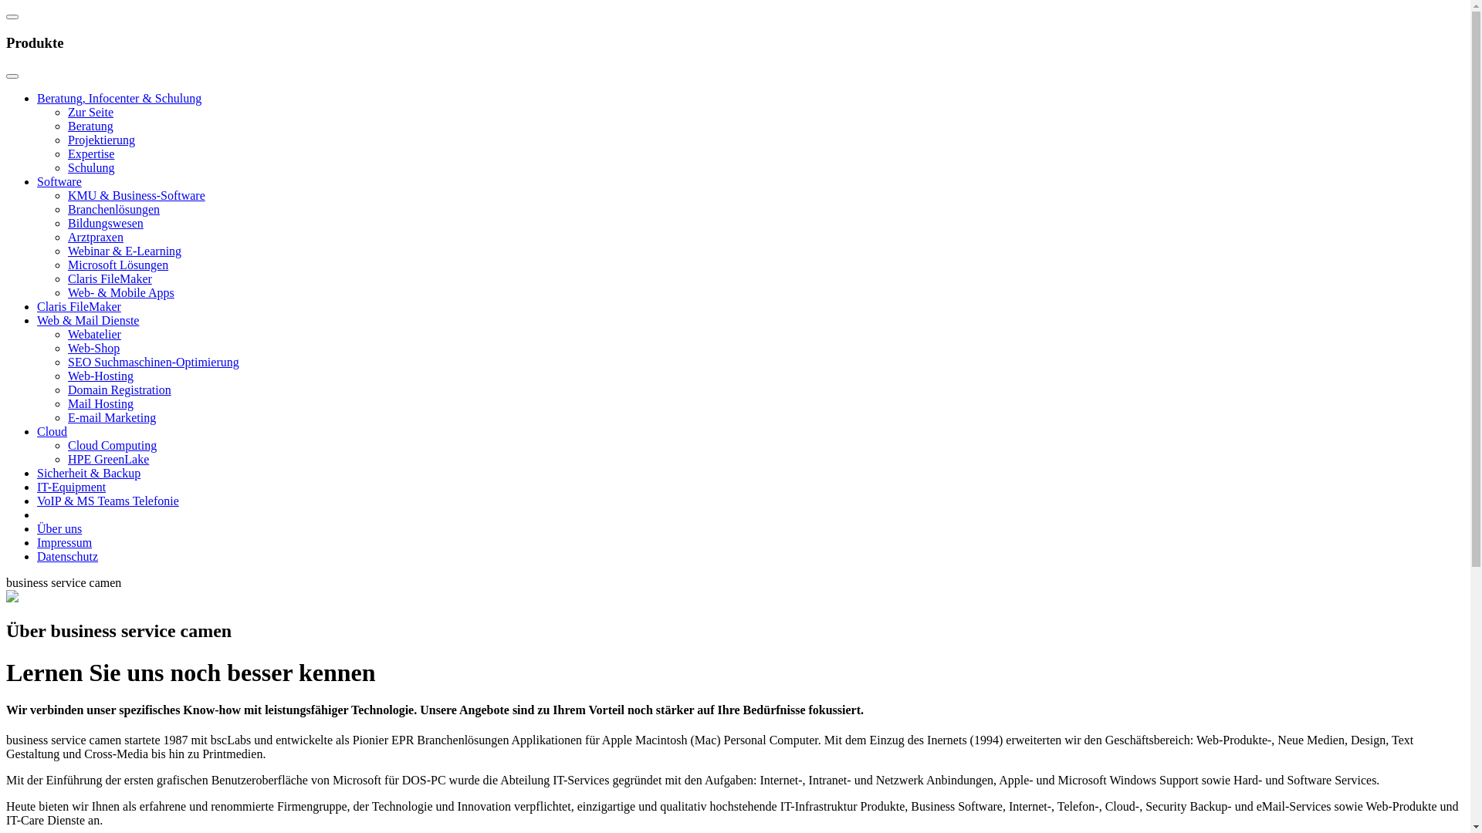 Image resolution: width=1482 pixels, height=833 pixels. I want to click on 'Bildungswesen', so click(105, 223).